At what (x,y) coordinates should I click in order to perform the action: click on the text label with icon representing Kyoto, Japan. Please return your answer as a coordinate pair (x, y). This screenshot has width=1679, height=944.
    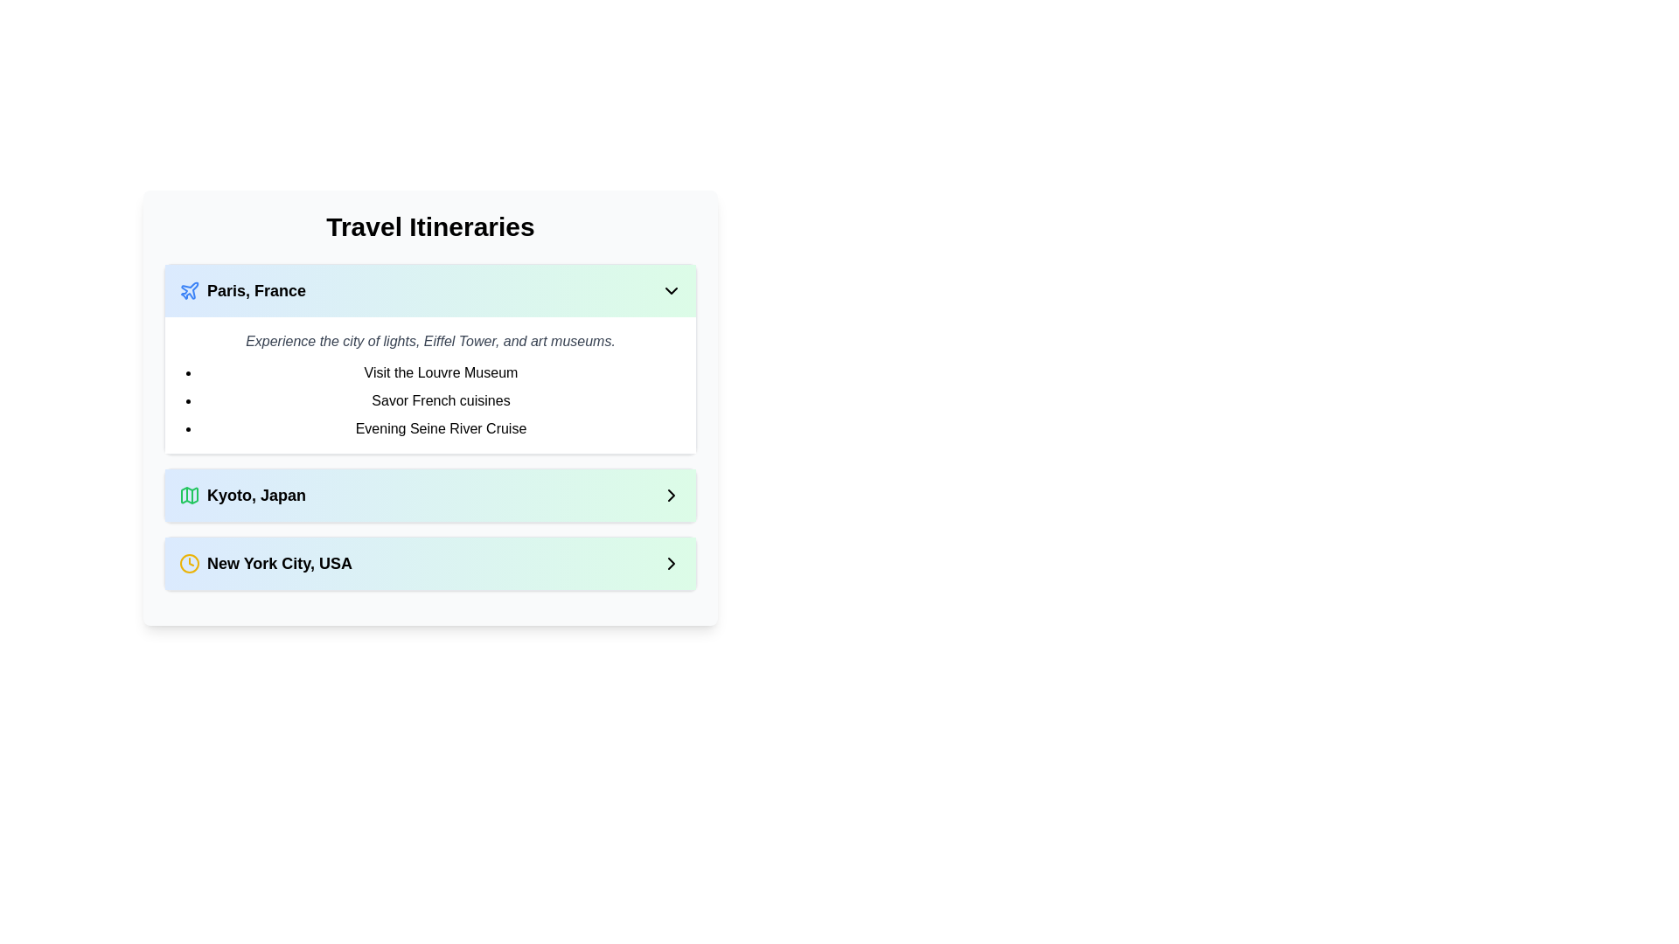
    Looking at the image, I should click on (241, 496).